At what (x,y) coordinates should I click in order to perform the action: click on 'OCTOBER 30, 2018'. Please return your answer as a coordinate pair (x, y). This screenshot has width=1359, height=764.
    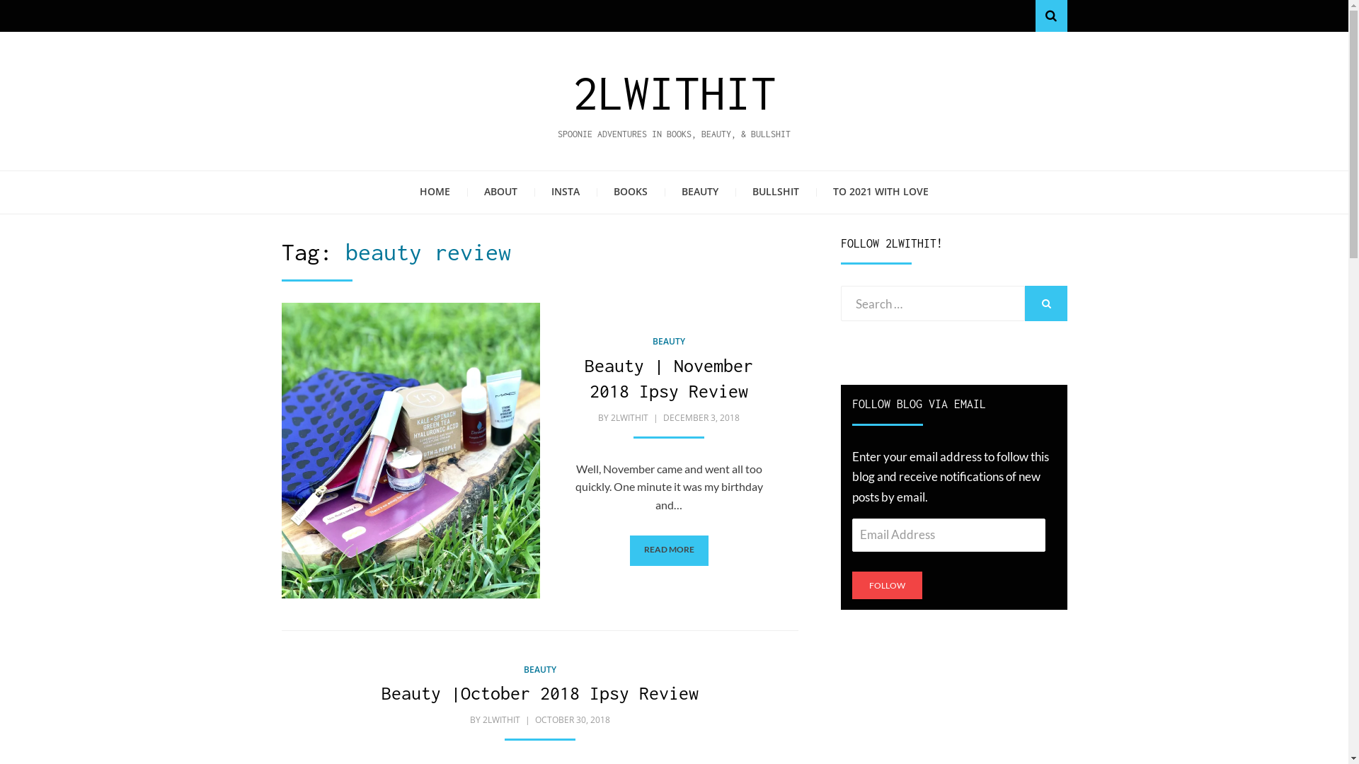
    Looking at the image, I should click on (570, 719).